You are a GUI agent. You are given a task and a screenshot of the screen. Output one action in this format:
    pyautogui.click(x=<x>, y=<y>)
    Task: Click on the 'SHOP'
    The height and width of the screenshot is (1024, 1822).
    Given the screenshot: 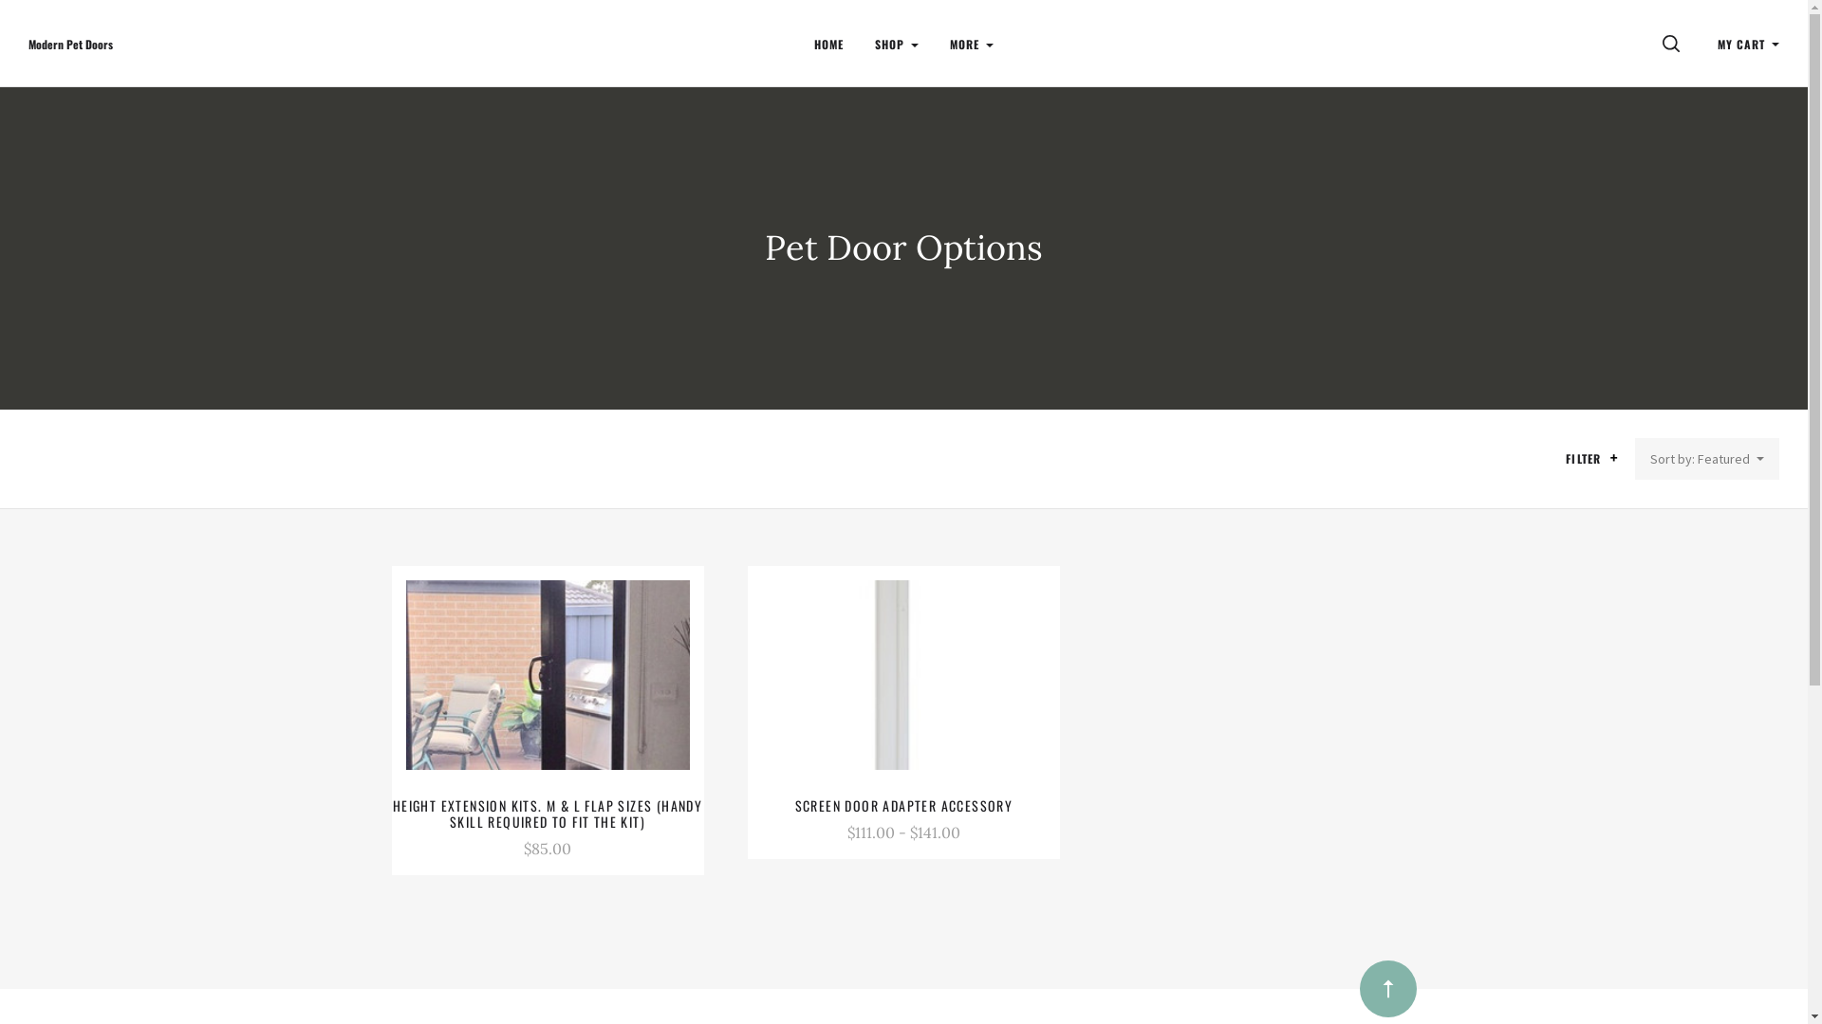 What is the action you would take?
    pyautogui.click(x=896, y=43)
    